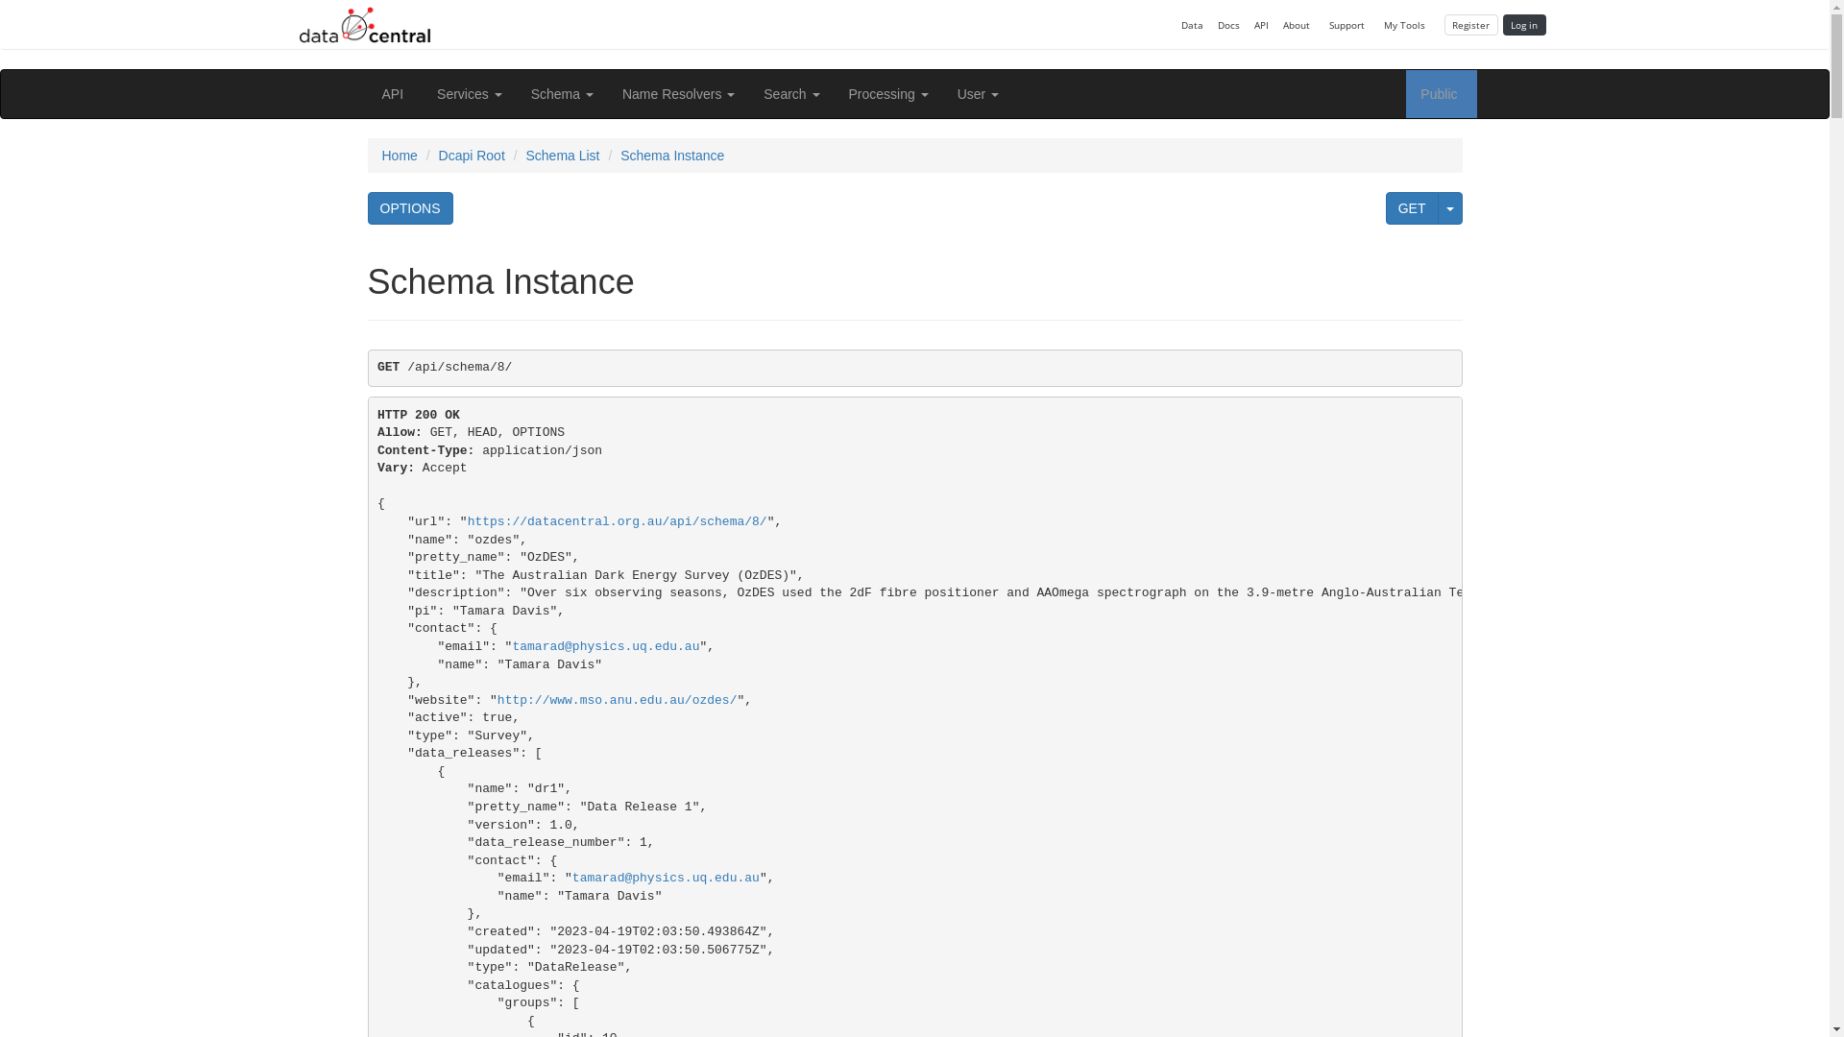 Image resolution: width=1844 pixels, height=1037 pixels. What do you see at coordinates (1522, 25) in the screenshot?
I see `'Log in'` at bounding box center [1522, 25].